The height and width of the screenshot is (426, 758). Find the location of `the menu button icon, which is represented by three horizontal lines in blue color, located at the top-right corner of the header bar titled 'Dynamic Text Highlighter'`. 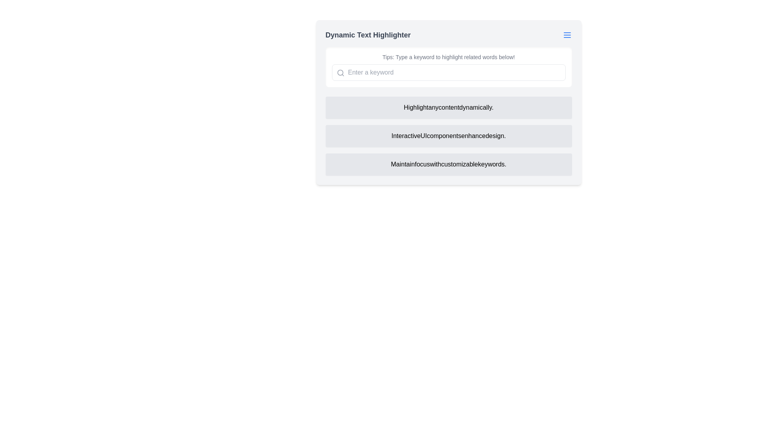

the menu button icon, which is represented by three horizontal lines in blue color, located at the top-right corner of the header bar titled 'Dynamic Text Highlighter' is located at coordinates (567, 34).